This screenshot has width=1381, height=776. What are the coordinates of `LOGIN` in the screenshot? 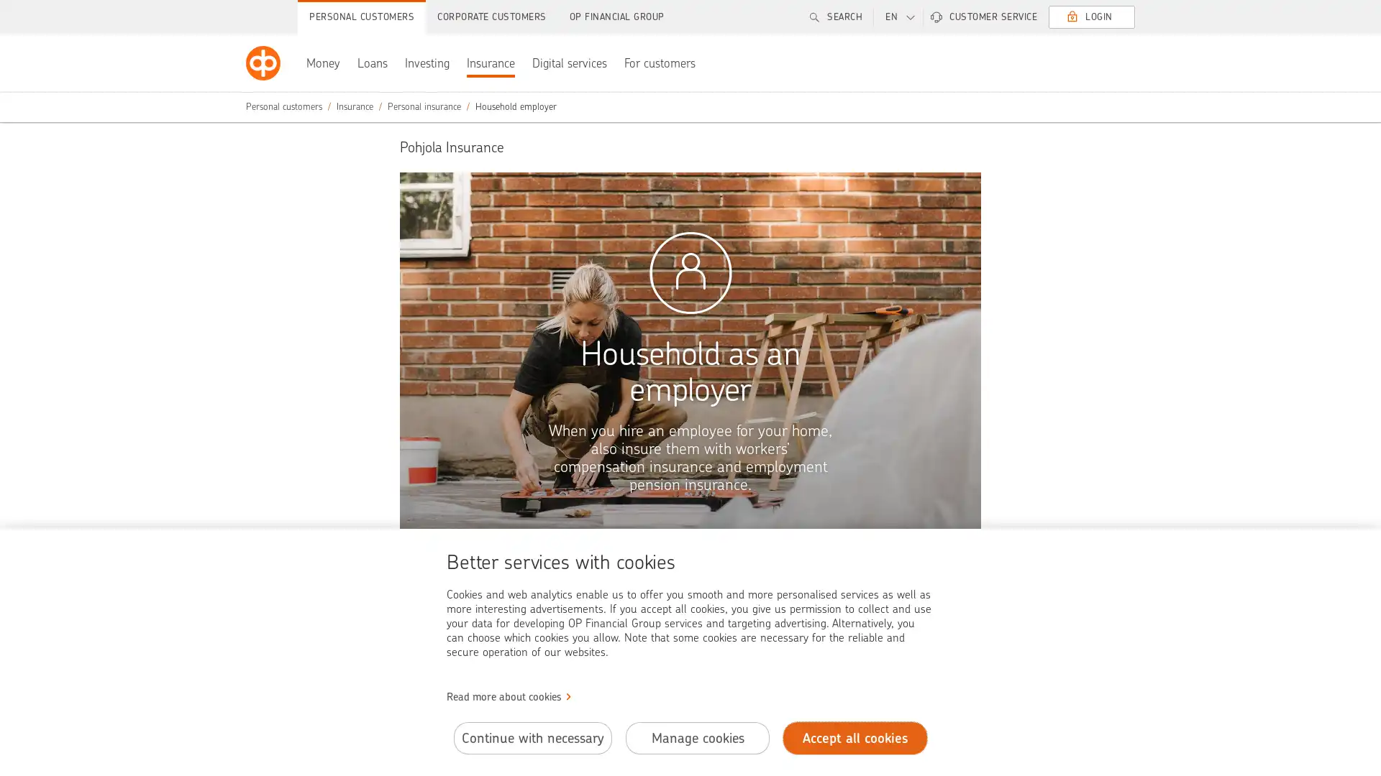 It's located at (1091, 17).